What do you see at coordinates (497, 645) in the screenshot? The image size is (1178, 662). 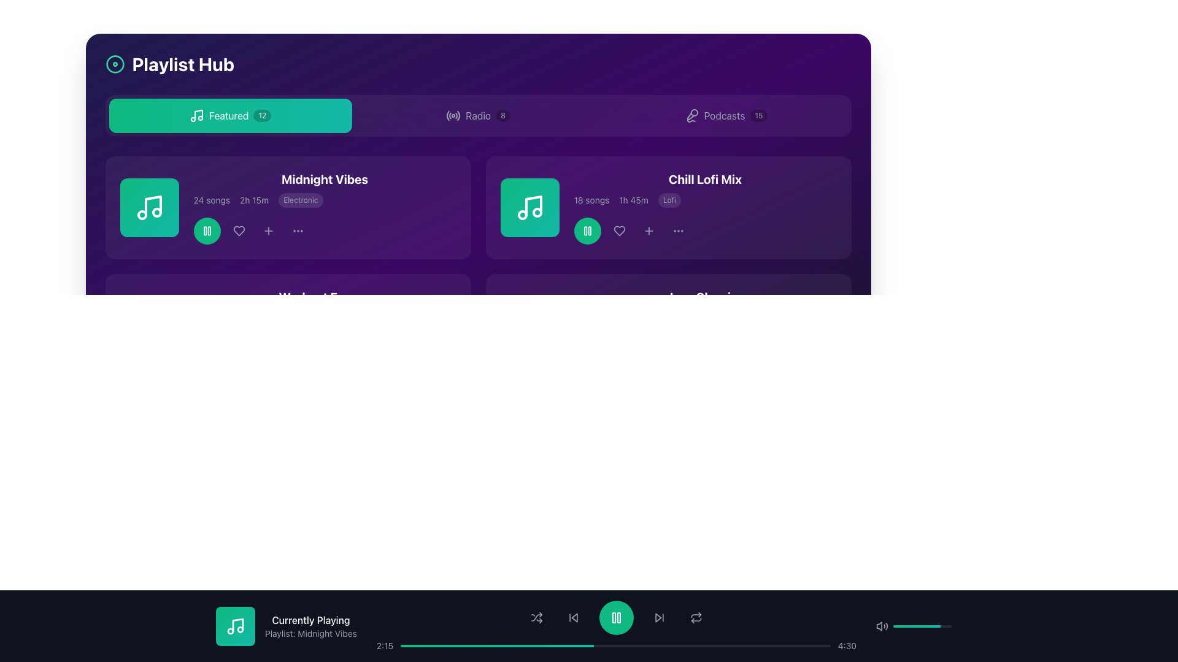 I see `the current progress on the progress bar indicating 45% completion, located at the bottom section of the interface` at bounding box center [497, 645].